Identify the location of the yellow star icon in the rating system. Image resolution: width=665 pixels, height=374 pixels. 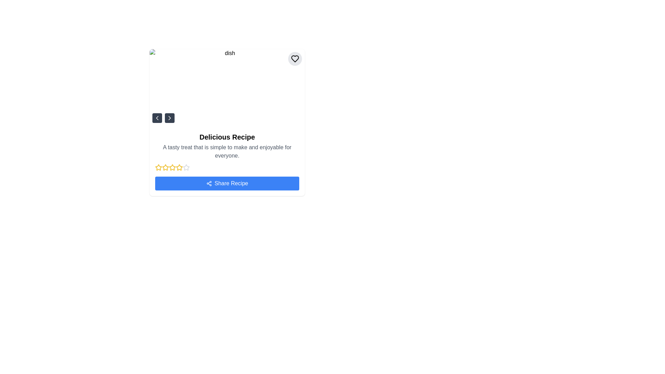
(158, 167).